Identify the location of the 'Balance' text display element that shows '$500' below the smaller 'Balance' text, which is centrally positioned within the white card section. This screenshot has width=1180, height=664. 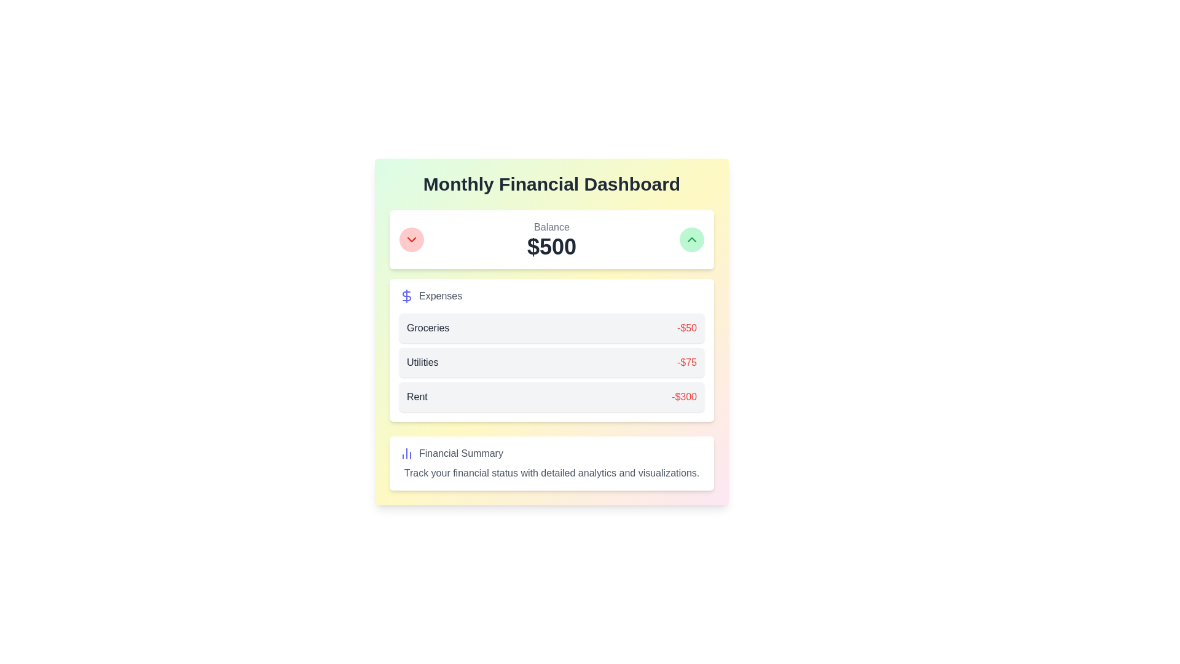
(551, 239).